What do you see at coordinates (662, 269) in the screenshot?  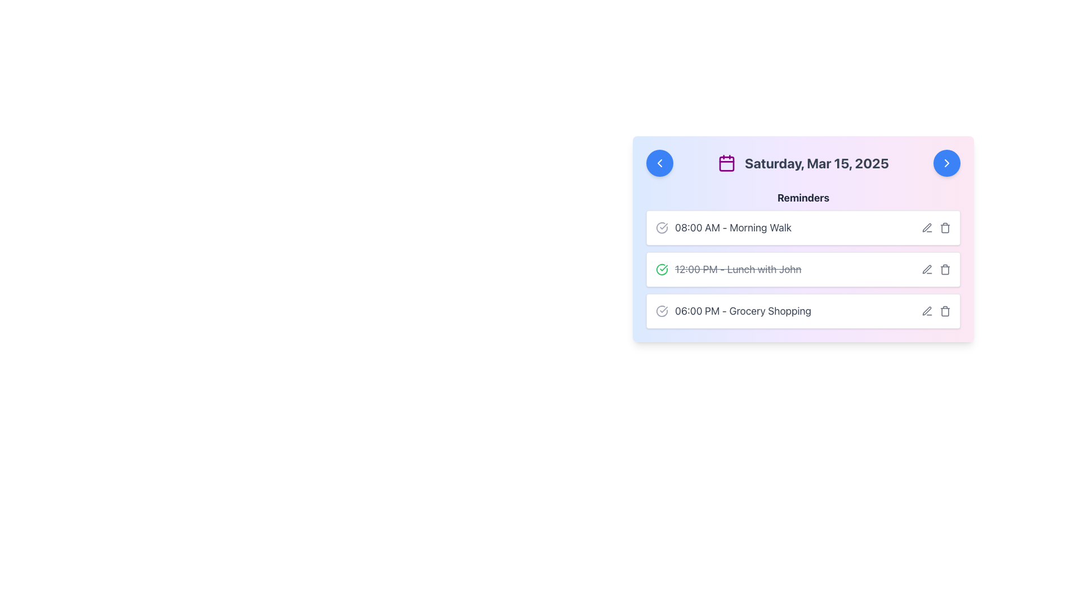 I see `the circular green checkmark icon in the reminder entry for 'Lunch with John'` at bounding box center [662, 269].